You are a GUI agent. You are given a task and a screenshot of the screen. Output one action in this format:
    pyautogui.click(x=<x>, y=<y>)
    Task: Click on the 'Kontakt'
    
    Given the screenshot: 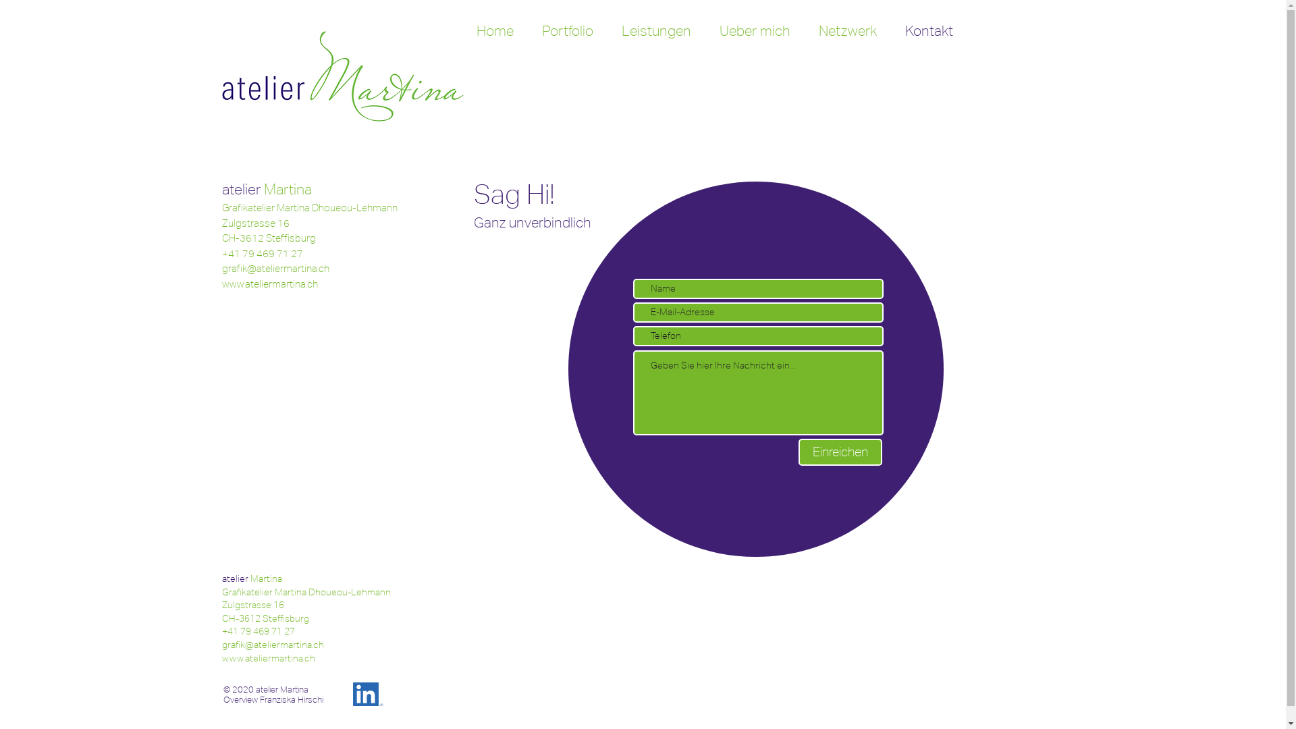 What is the action you would take?
    pyautogui.click(x=928, y=30)
    